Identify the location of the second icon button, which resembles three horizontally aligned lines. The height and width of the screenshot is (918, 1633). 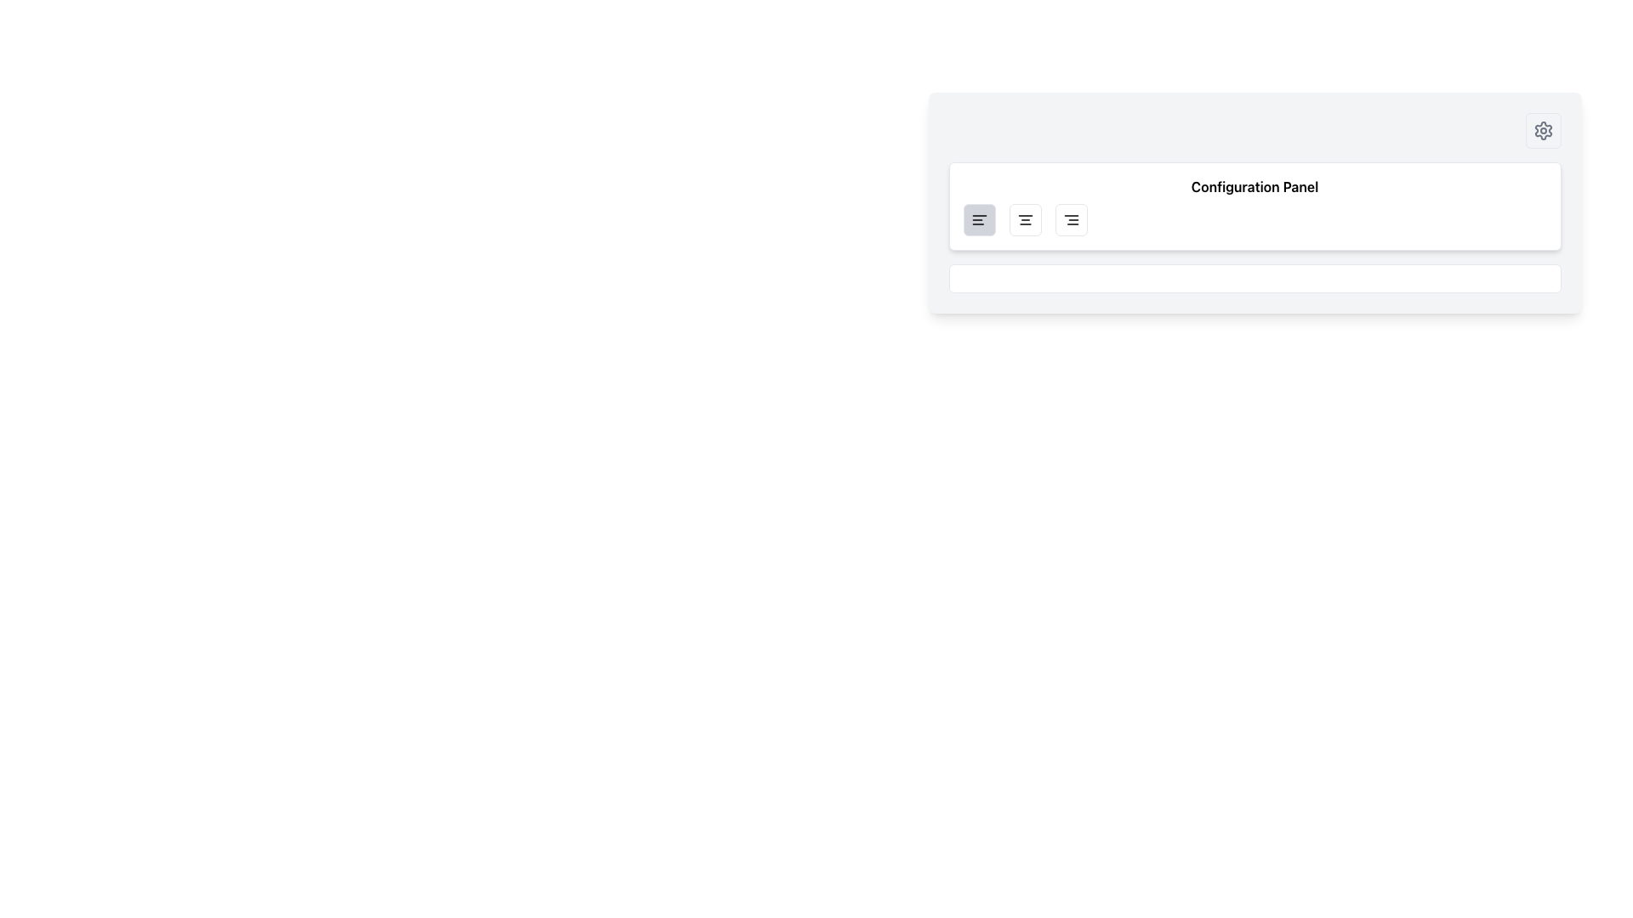
(1024, 218).